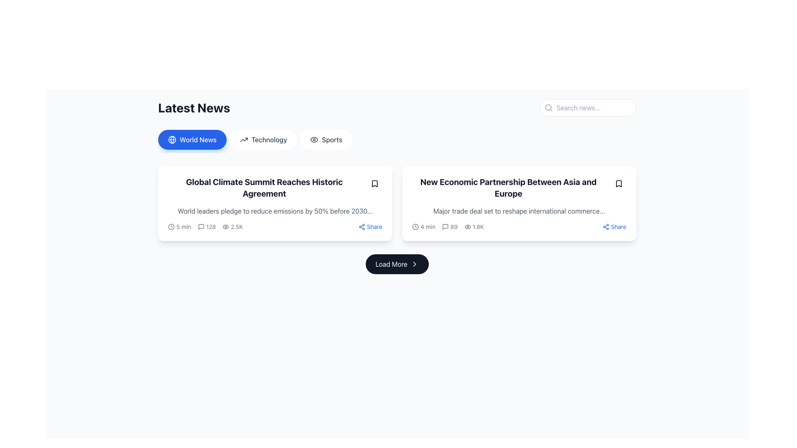  What do you see at coordinates (445, 227) in the screenshot?
I see `the SVG icon representing a speech bubble for comments or messages, located below the headline and content of the card in the 'Latest News' section` at bounding box center [445, 227].